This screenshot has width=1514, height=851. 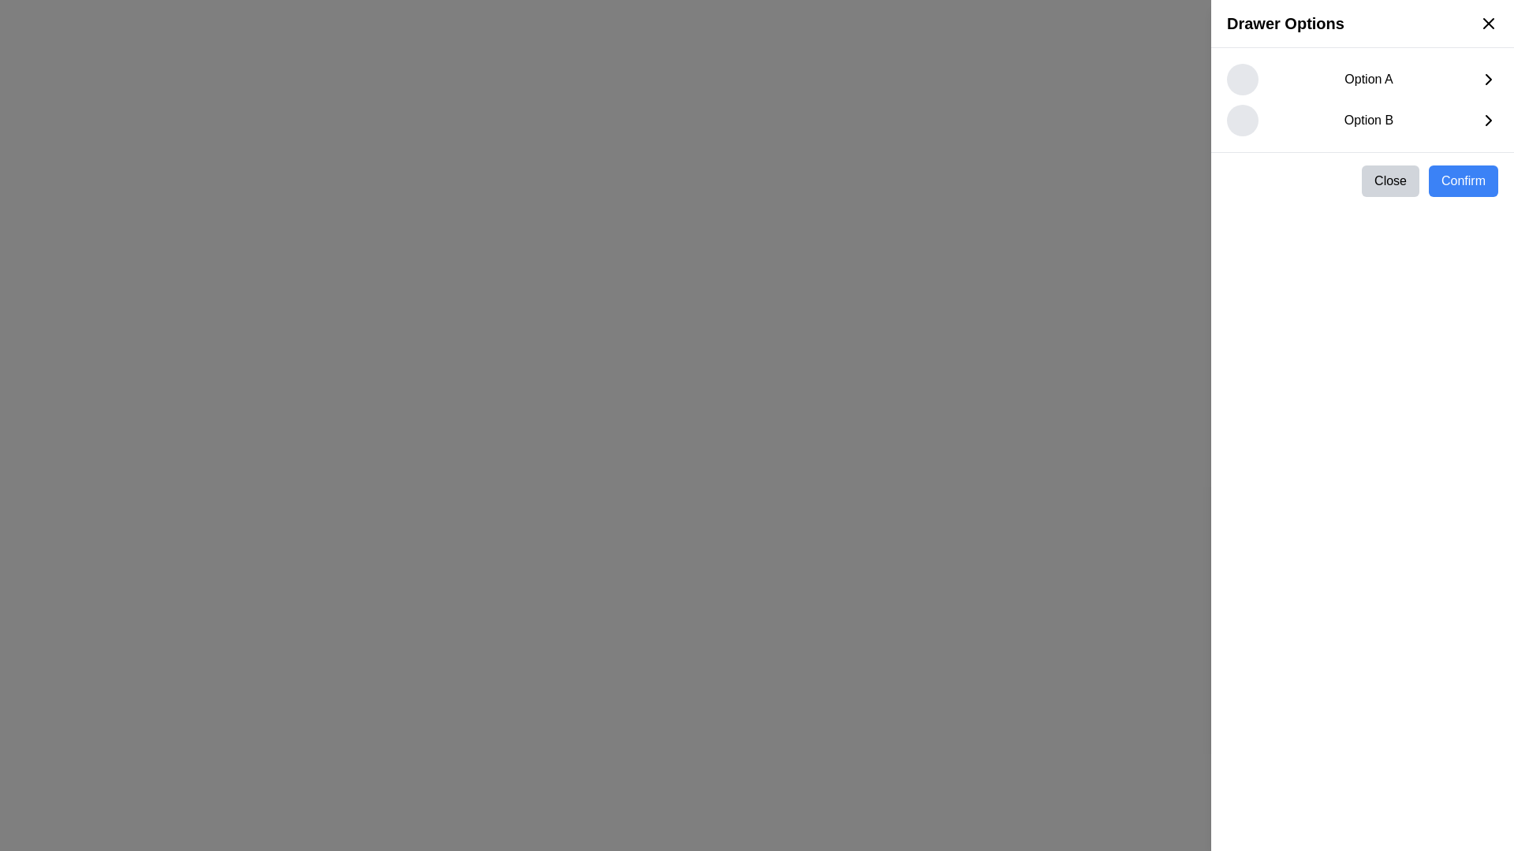 What do you see at coordinates (1487, 79) in the screenshot?
I see `the chevron icon that serves as an indicator for additional details related to 'Option A' in the right panel of the interface` at bounding box center [1487, 79].